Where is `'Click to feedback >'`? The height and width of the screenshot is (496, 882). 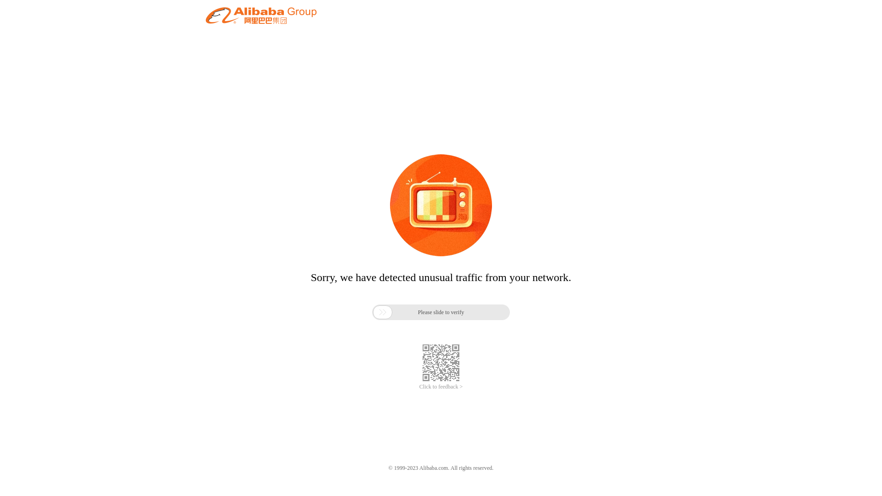
'Click to feedback >' is located at coordinates (441, 387).